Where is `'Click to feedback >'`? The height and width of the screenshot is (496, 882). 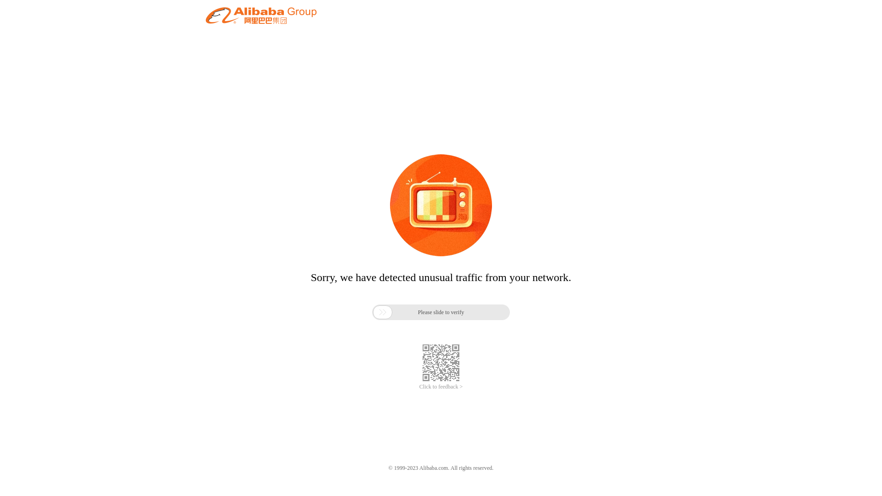
'Click to feedback >' is located at coordinates (441, 387).